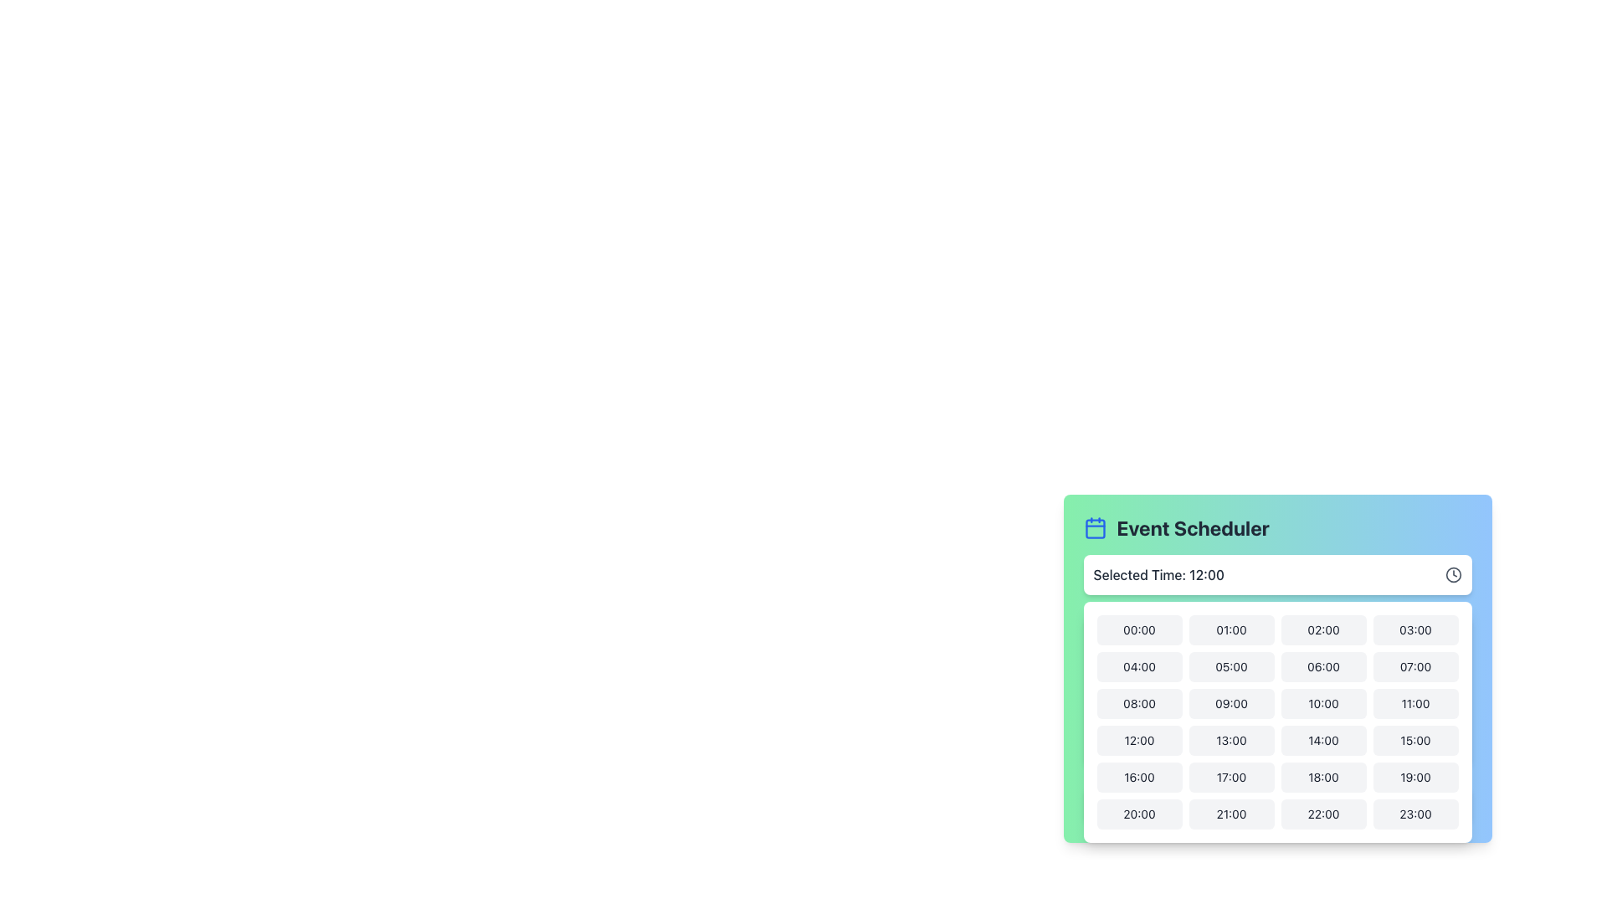 The height and width of the screenshot is (904, 1607). I want to click on the button labeled '06:00', which is a rectangular button with rounded corners and a light gray background, located in the second row and third column of the time slot grid under 'Event Scheduler', so click(1276, 667).